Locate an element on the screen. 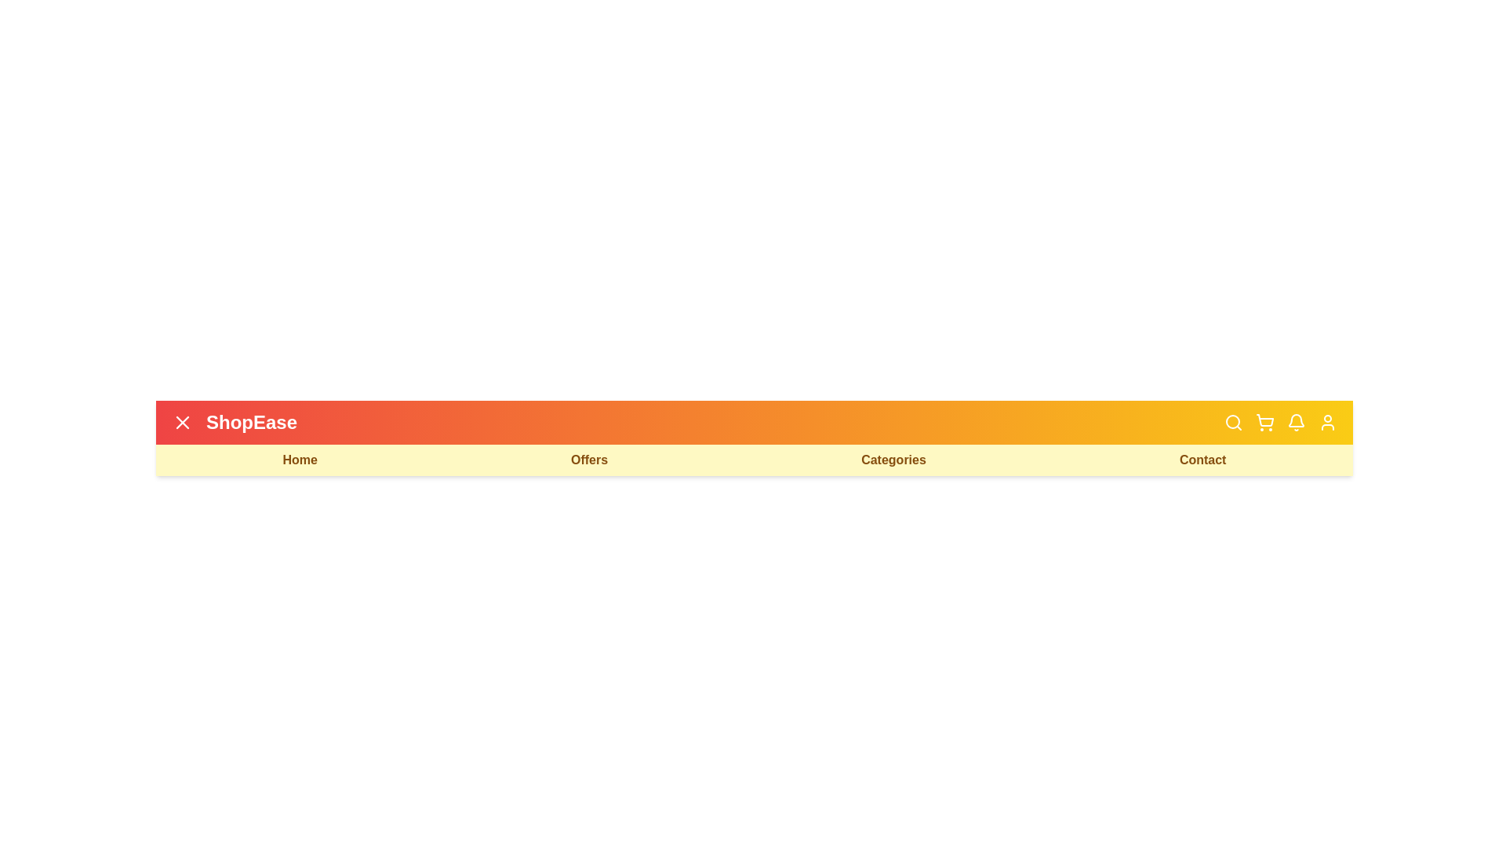 The image size is (1506, 847). the shopping cart button to view the cart is located at coordinates (1264, 422).